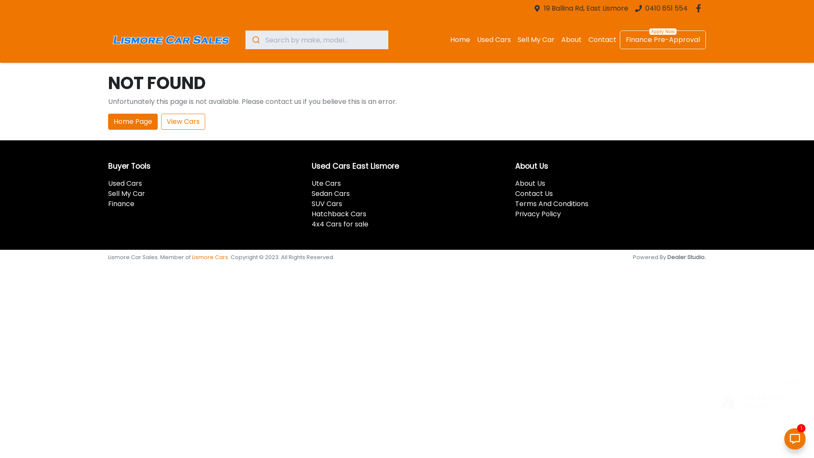 The image size is (814, 458). I want to click on 'View Cars', so click(183, 121).